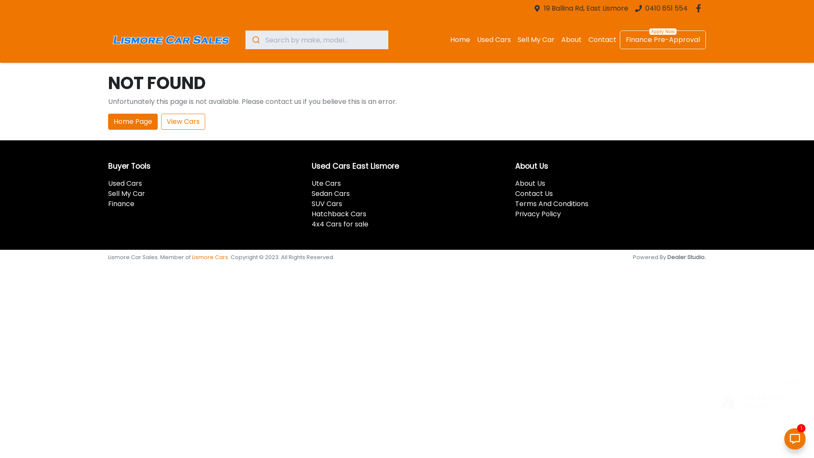 The image size is (814, 458). I want to click on 'View Cars', so click(183, 121).